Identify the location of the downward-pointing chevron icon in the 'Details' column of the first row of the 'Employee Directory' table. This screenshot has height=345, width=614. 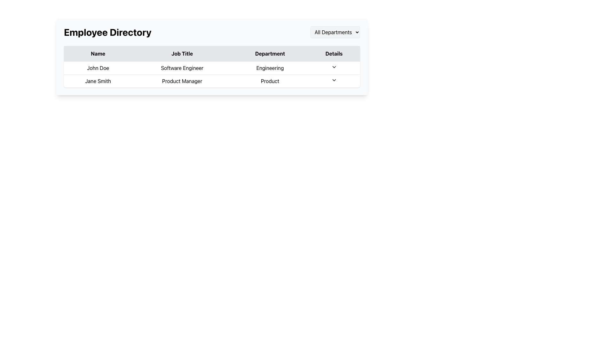
(334, 67).